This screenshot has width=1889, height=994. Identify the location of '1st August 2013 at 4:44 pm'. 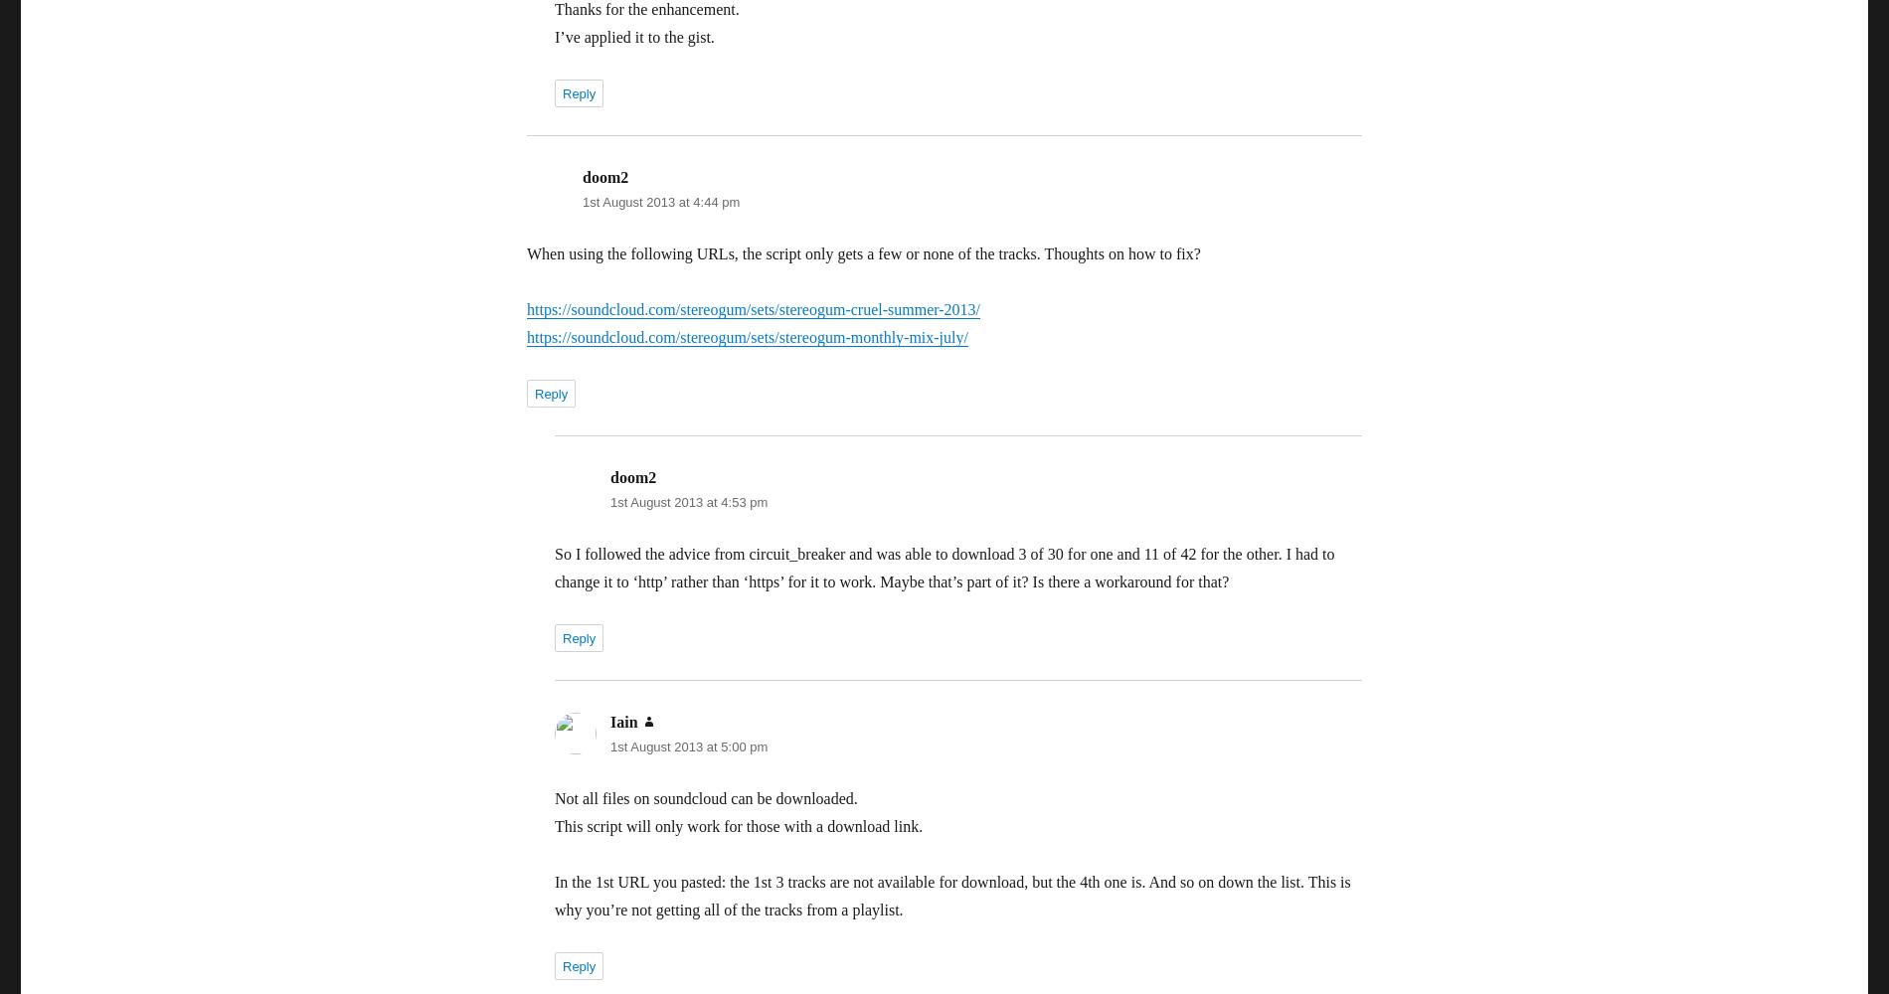
(661, 201).